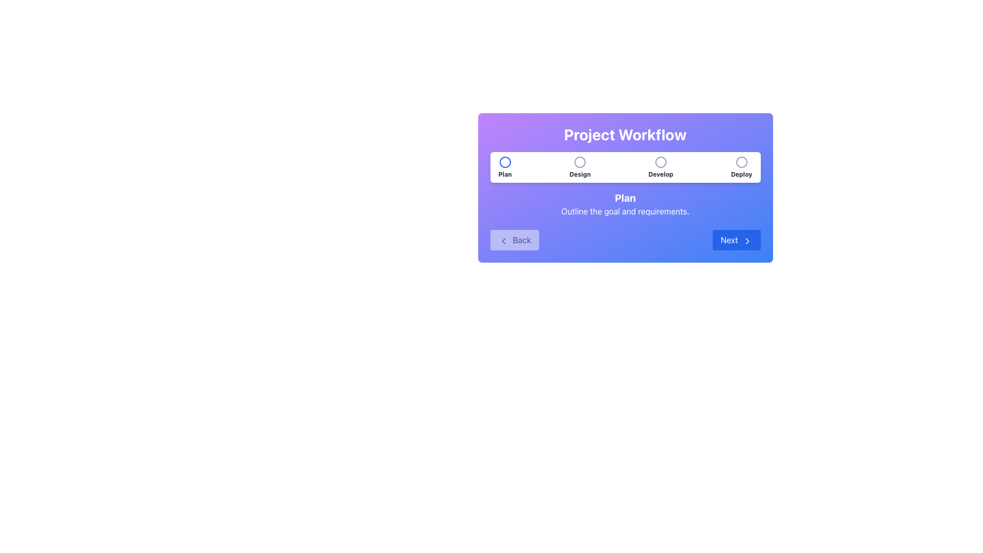  What do you see at coordinates (747, 241) in the screenshot?
I see `the icon located within the 'Next' button at the bottom-right corner of the workflow navigation card` at bounding box center [747, 241].